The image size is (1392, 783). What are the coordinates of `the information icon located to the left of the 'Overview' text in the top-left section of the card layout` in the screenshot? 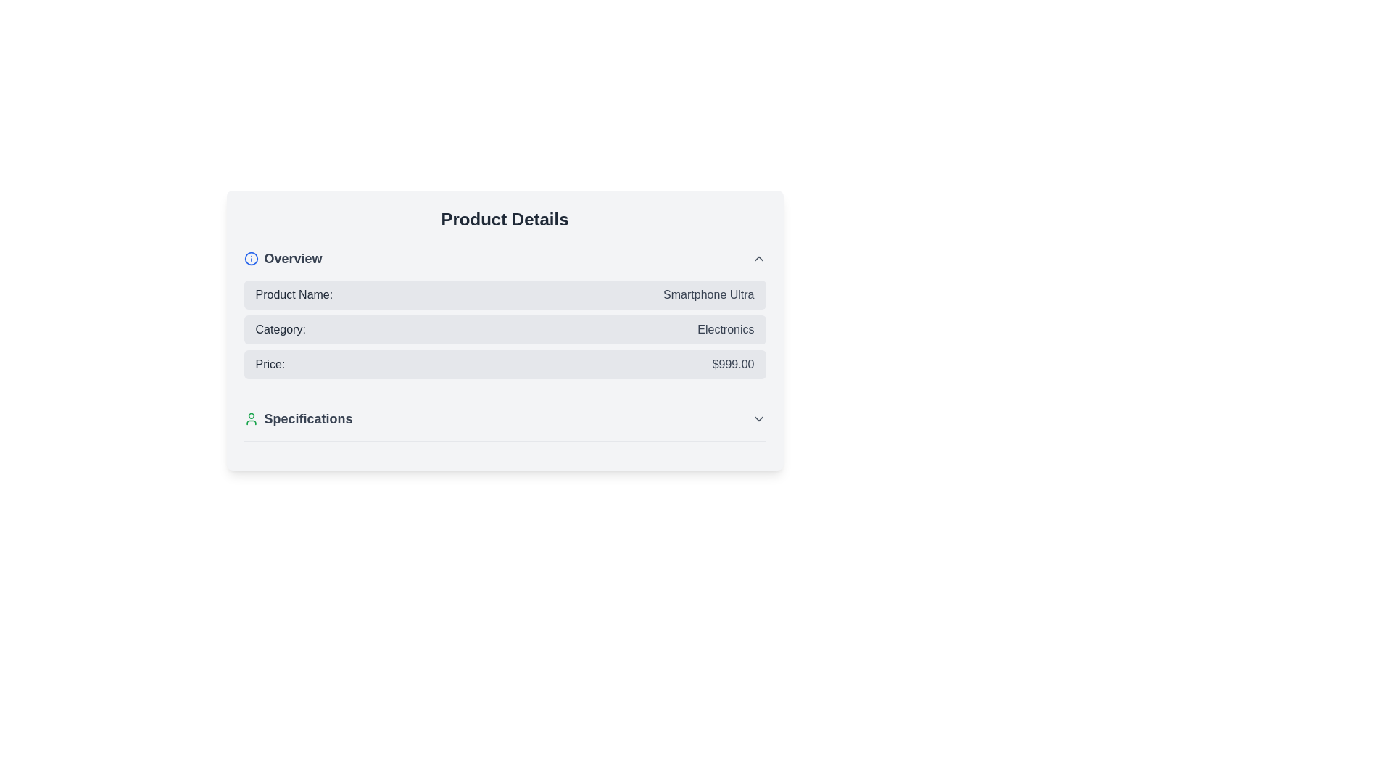 It's located at (251, 258).